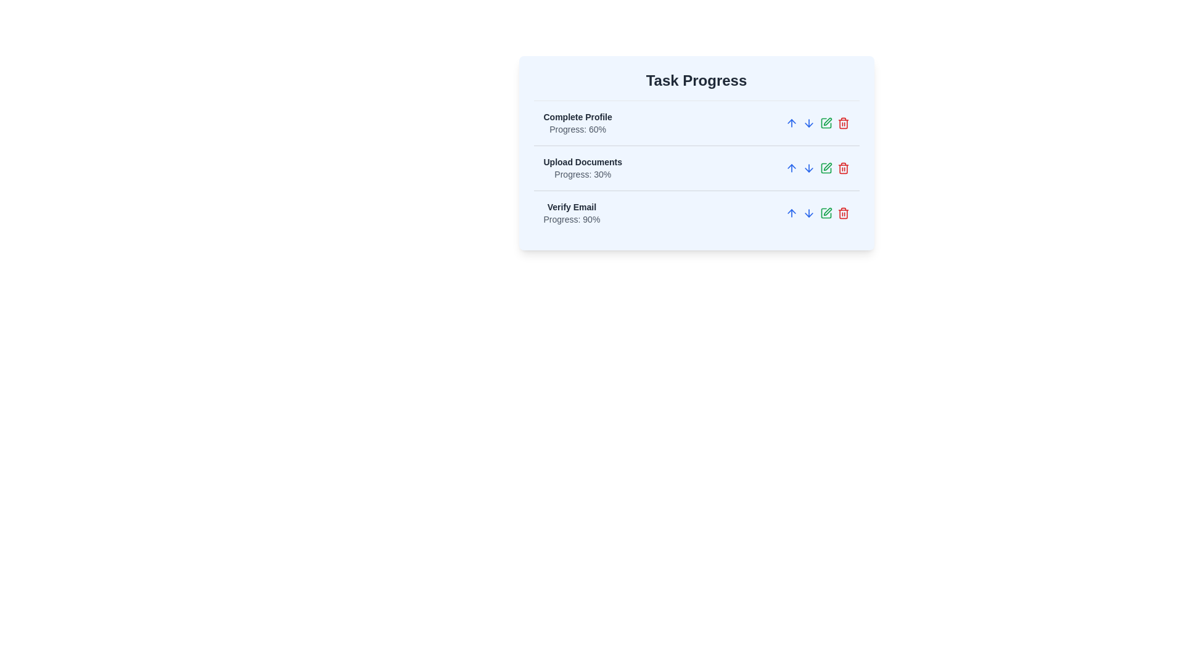 The width and height of the screenshot is (1184, 666). Describe the element at coordinates (842, 213) in the screenshot. I see `the red trash icon button` at that location.